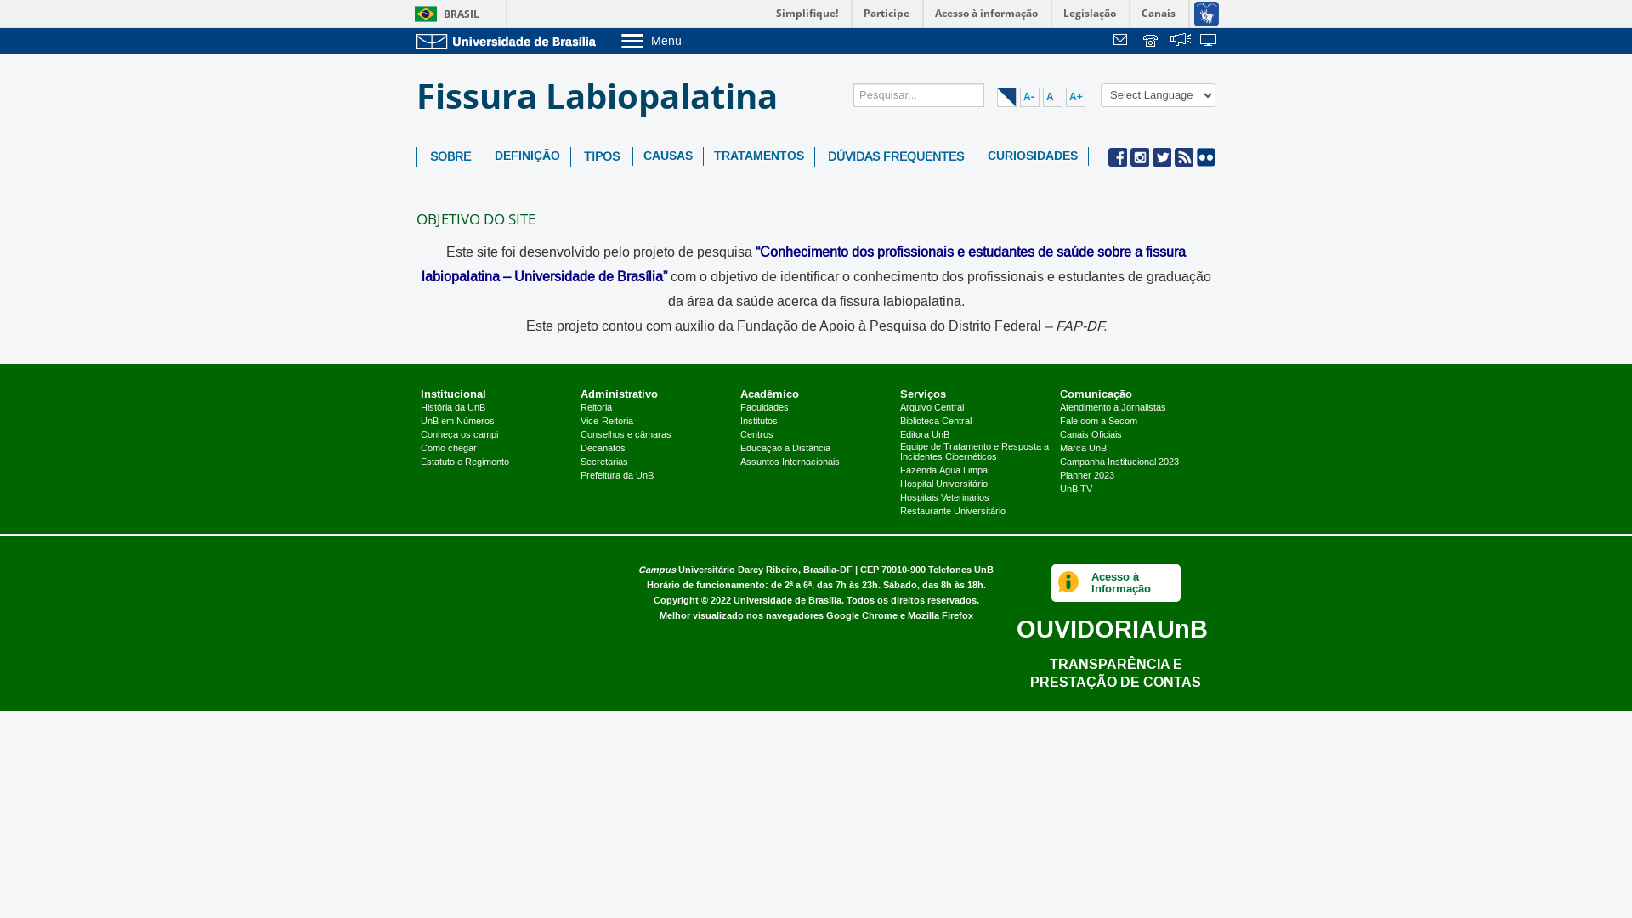 The image size is (1632, 918). Describe the element at coordinates (444, 14) in the screenshot. I see `'BRASIL'` at that location.